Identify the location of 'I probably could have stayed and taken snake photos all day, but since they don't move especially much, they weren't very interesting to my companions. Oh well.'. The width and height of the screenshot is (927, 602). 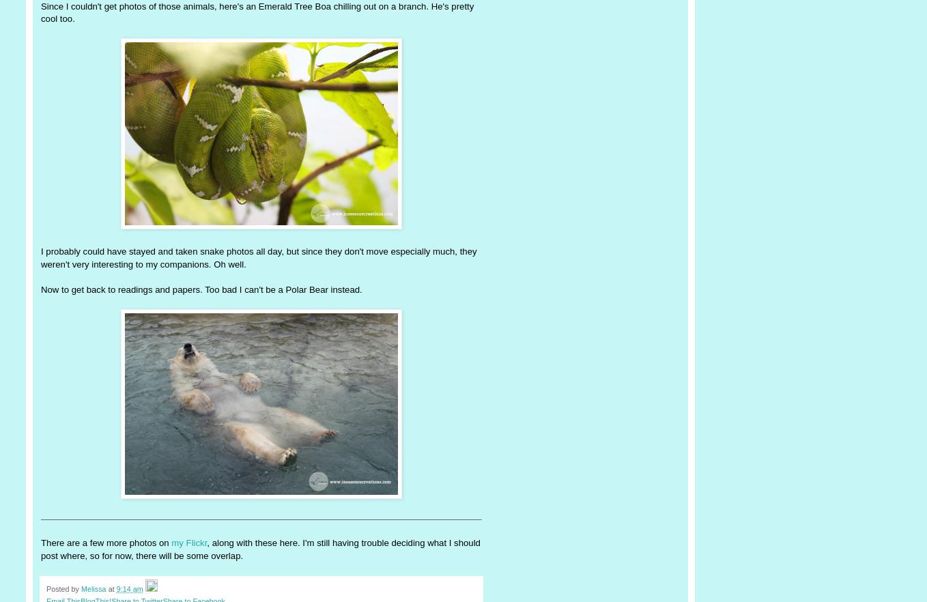
(41, 257).